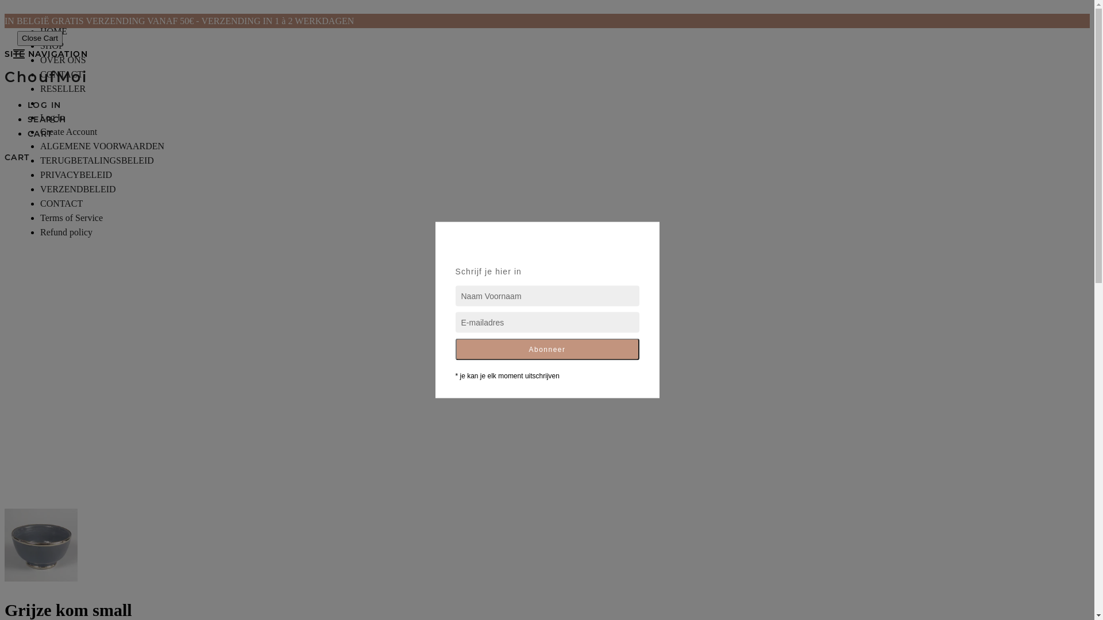  What do you see at coordinates (97, 160) in the screenshot?
I see `'TERUGBETALINGSBELEID'` at bounding box center [97, 160].